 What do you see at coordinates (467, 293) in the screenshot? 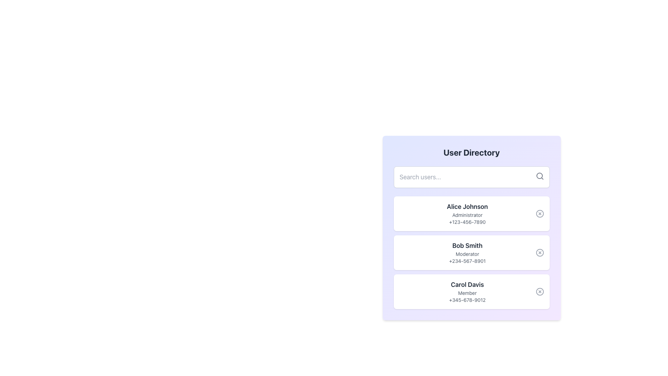
I see `the static text label displaying 'Member', which is part of the user entry for 'Carol Davis' in the information card` at bounding box center [467, 293].